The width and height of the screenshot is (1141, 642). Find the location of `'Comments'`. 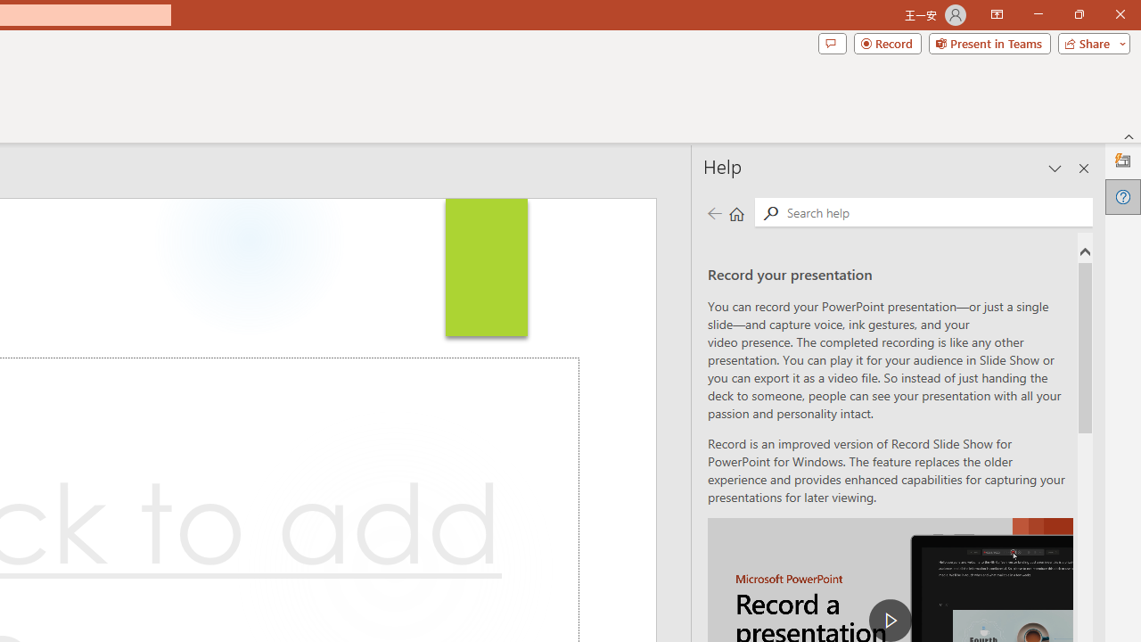

'Comments' is located at coordinates (831, 42).